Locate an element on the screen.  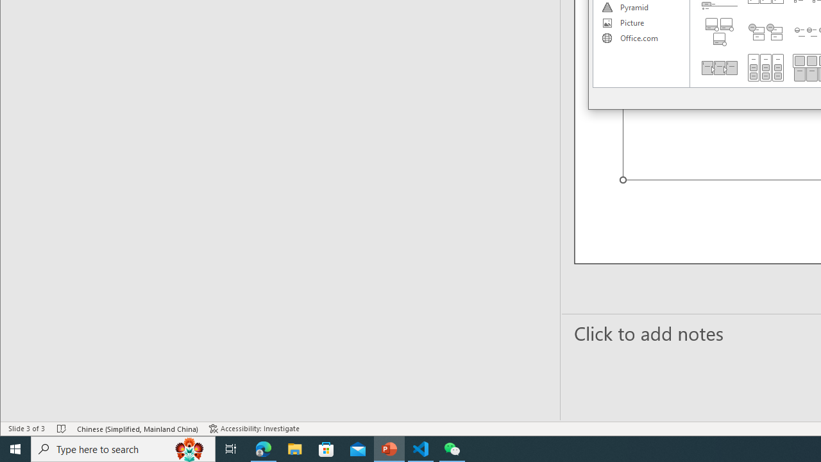
'Picture' is located at coordinates (641, 23).